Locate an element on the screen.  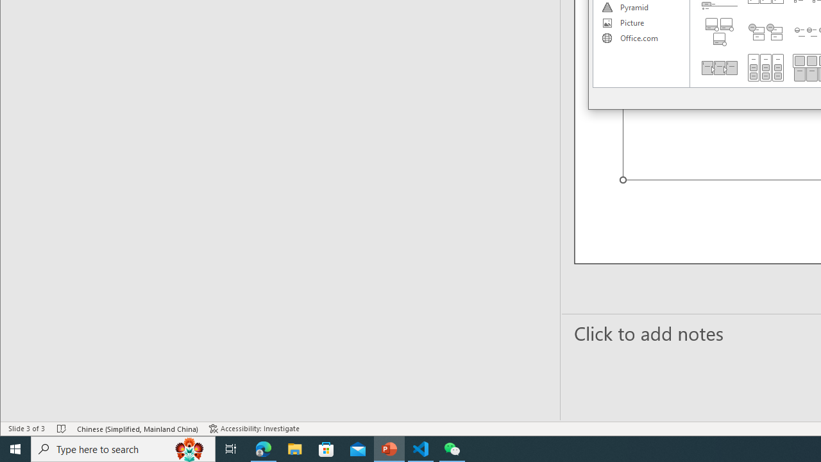
'Picture' is located at coordinates (641, 23).